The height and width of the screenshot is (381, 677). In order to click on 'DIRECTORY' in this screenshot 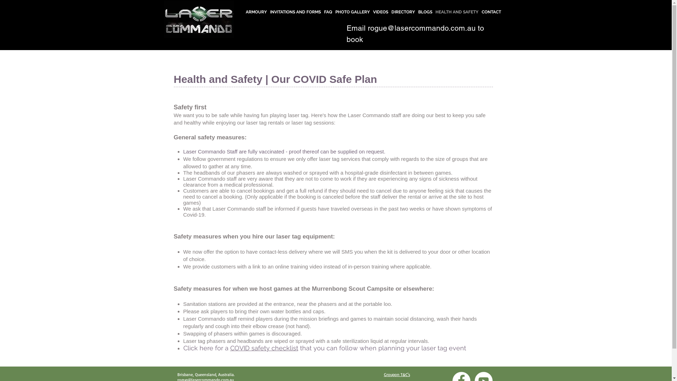, I will do `click(403, 12)`.